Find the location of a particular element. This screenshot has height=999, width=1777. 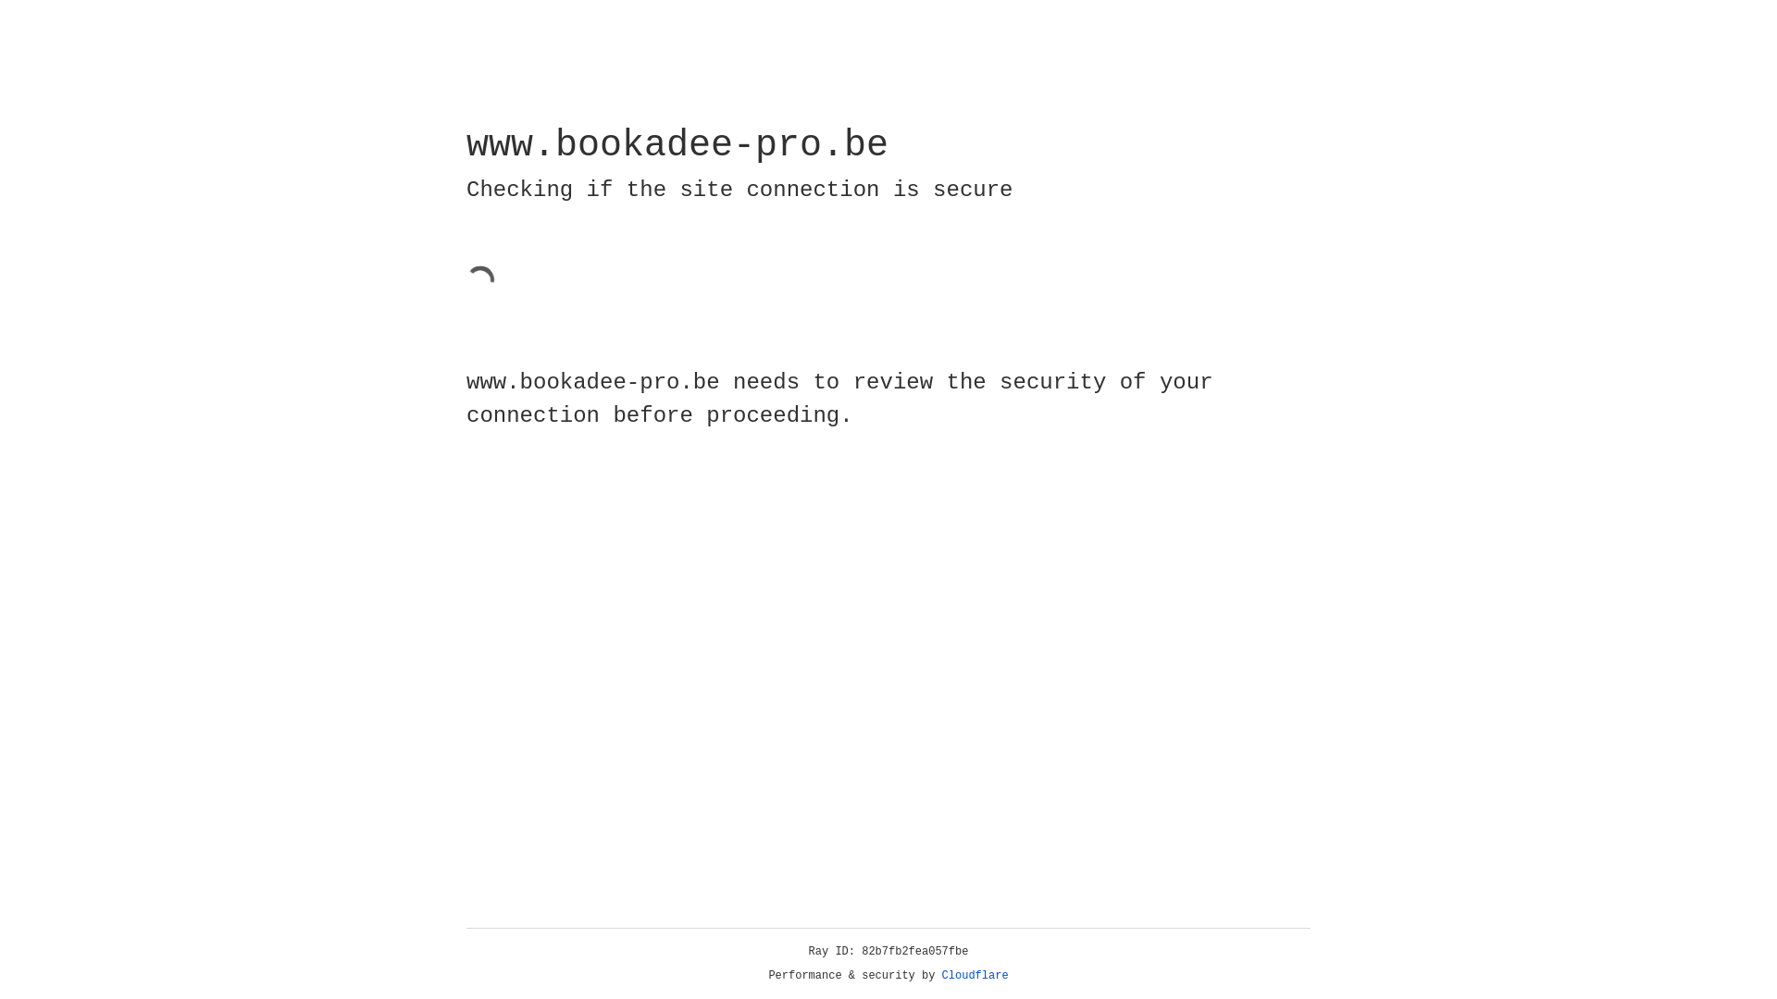

'Cloudflare' is located at coordinates (975, 975).